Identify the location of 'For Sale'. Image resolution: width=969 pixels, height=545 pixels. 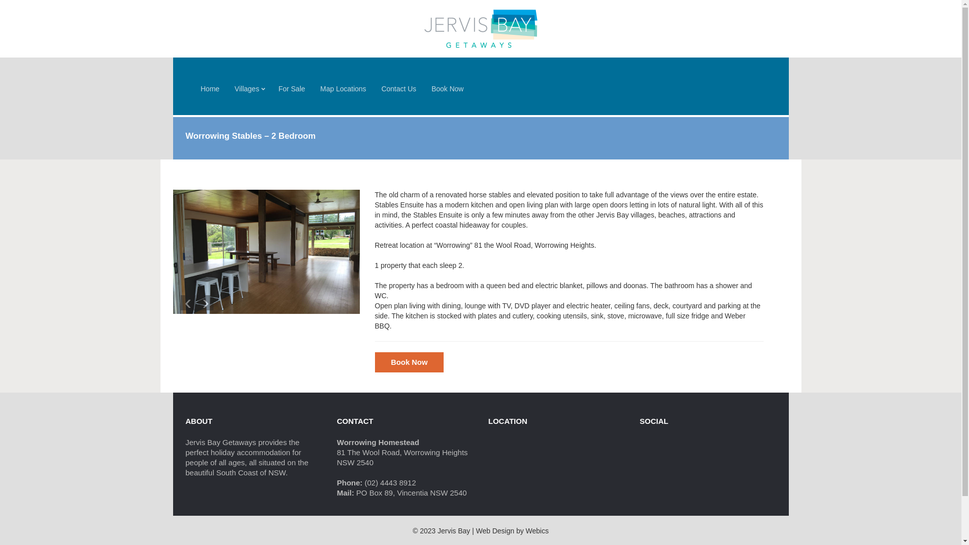
(291, 88).